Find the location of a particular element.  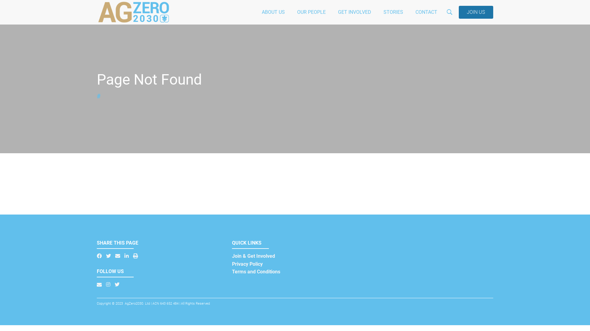

'Join & Get Involved' is located at coordinates (254, 256).